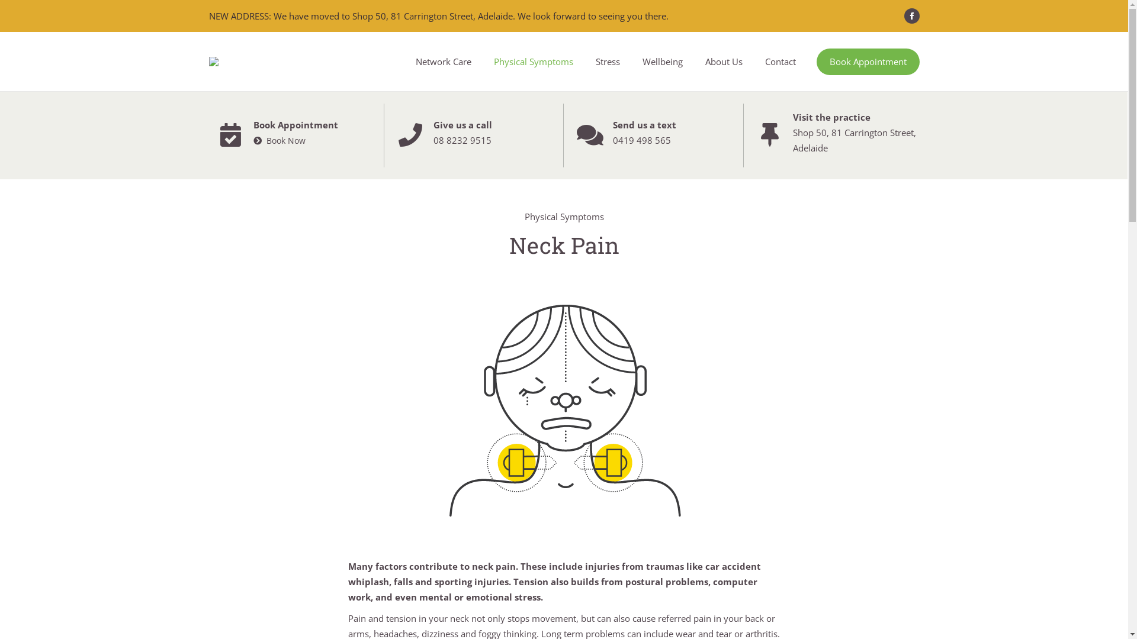  Describe the element at coordinates (639, 61) in the screenshot. I see `'Wellbeing'` at that location.